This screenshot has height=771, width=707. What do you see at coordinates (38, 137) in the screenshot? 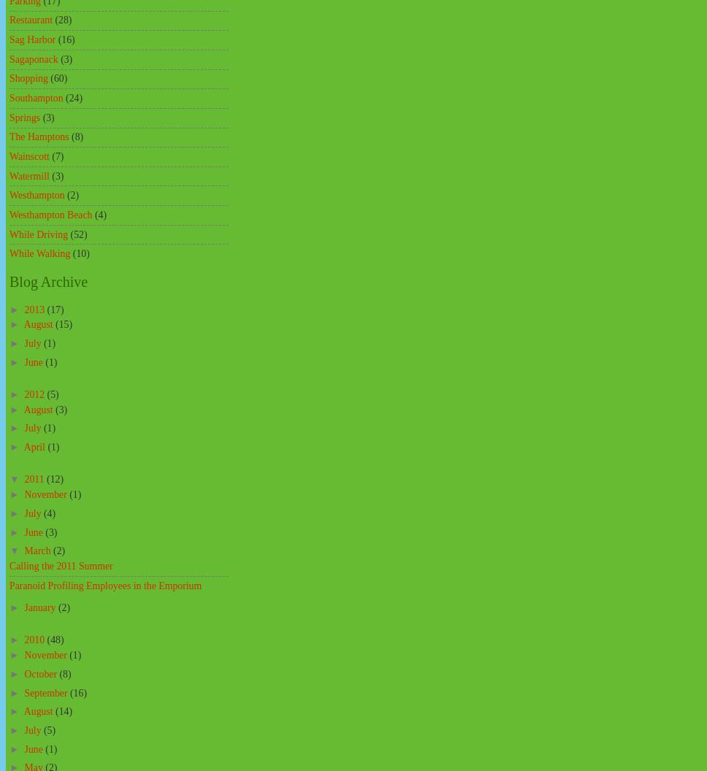
I see `'The Hamptons'` at bounding box center [38, 137].